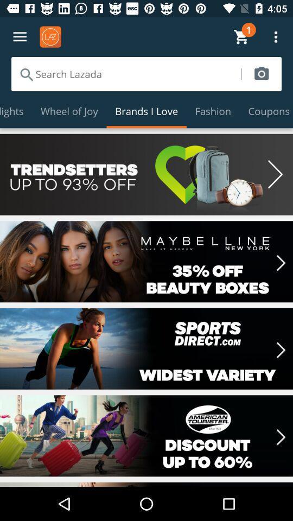 This screenshot has height=521, width=293. What do you see at coordinates (146, 261) in the screenshot?
I see `opens offer for shopping` at bounding box center [146, 261].